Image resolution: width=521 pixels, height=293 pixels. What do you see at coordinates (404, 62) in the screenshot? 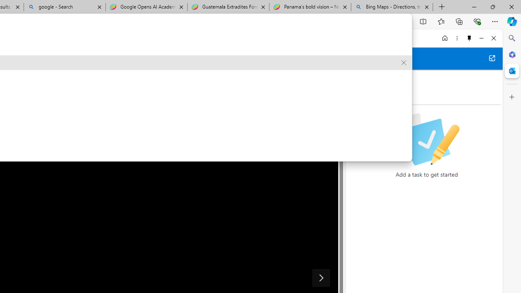
I see `'Remove suggestion'` at bounding box center [404, 62].